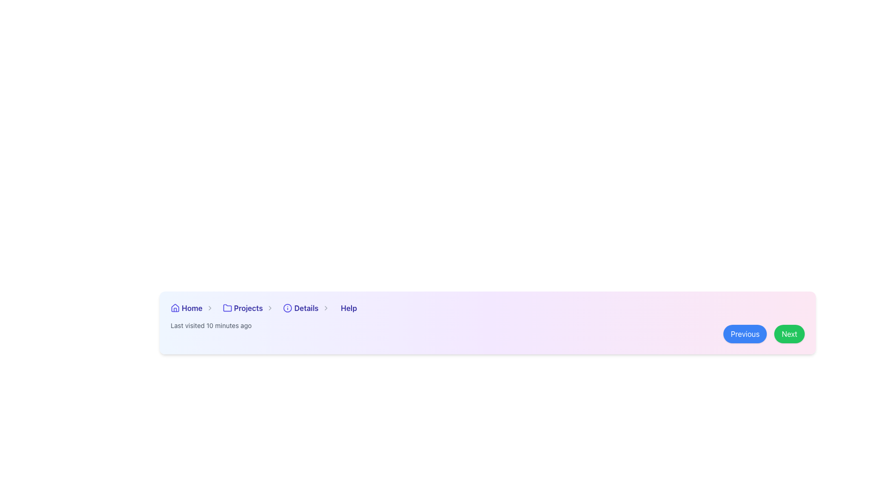 This screenshot has height=499, width=888. Describe the element at coordinates (175, 308) in the screenshot. I see `the small, simplistic indigo house icon located on the breadcrumb navigation bar next to the 'Home' text` at that location.